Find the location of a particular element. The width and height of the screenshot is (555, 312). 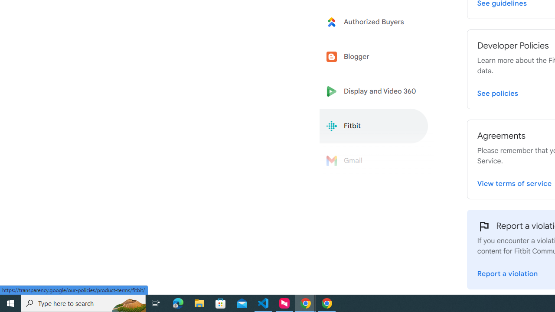

'Learn more about Authorized Buyers' is located at coordinates (374, 21).